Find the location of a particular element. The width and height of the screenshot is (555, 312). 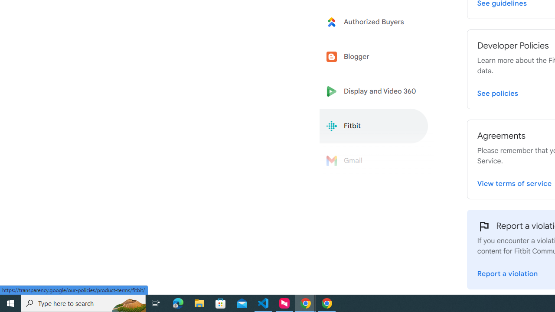

'Learn more about Authorized Buyers' is located at coordinates (374, 21).